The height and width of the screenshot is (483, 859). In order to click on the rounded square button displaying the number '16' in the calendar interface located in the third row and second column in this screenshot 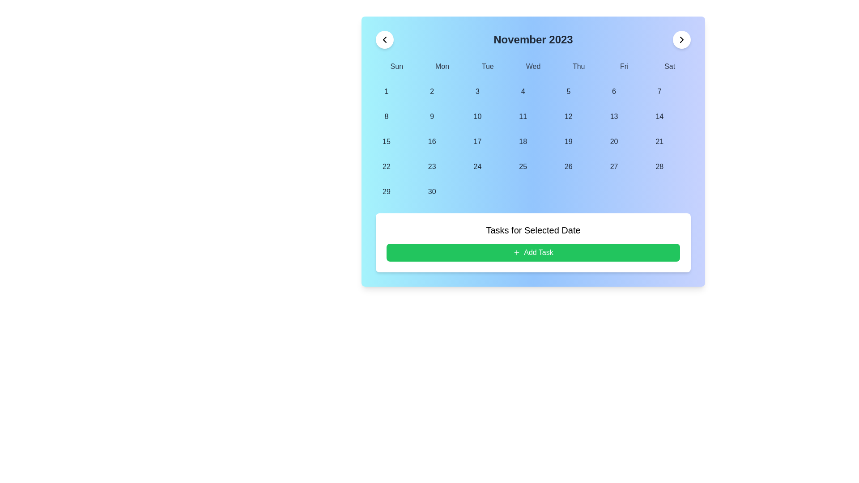, I will do `click(432, 141)`.